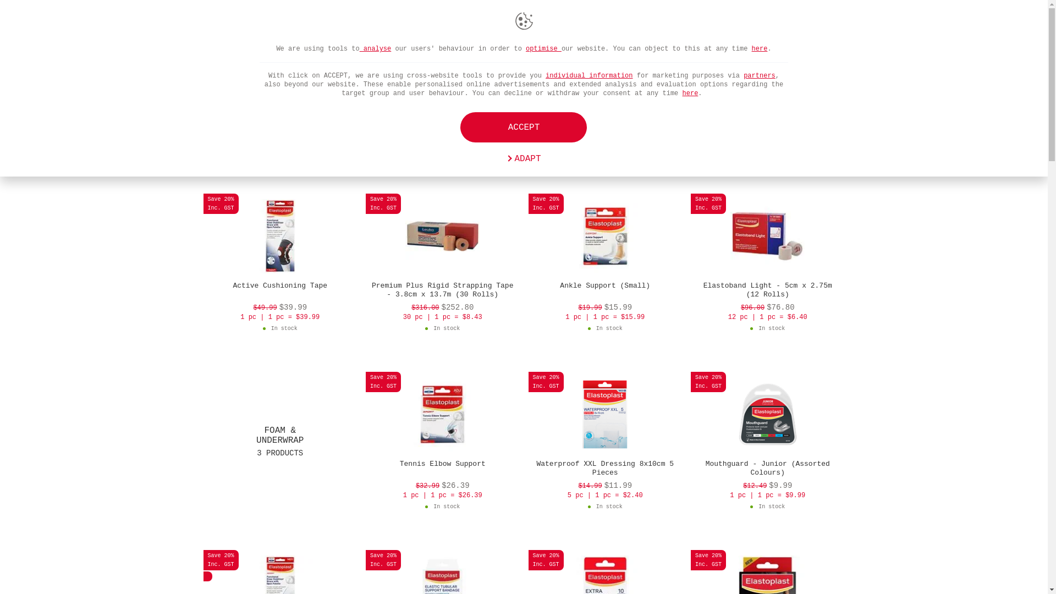 The height and width of the screenshot is (594, 1056). I want to click on 'Your Elastoplast Account', so click(794, 23).